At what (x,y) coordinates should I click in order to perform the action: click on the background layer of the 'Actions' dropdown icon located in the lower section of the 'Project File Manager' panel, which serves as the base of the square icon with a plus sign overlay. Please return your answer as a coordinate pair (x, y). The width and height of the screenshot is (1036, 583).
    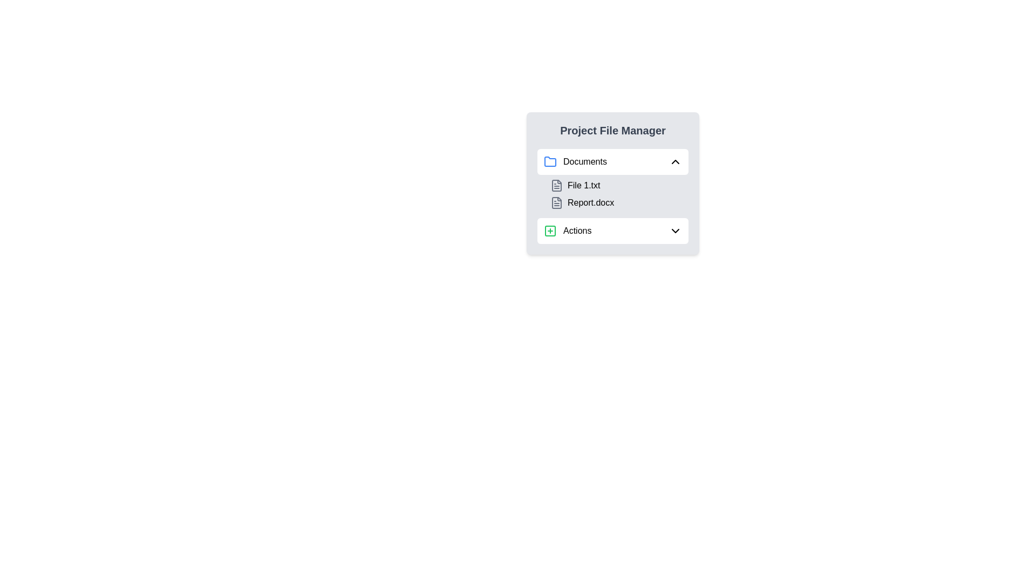
    Looking at the image, I should click on (550, 231).